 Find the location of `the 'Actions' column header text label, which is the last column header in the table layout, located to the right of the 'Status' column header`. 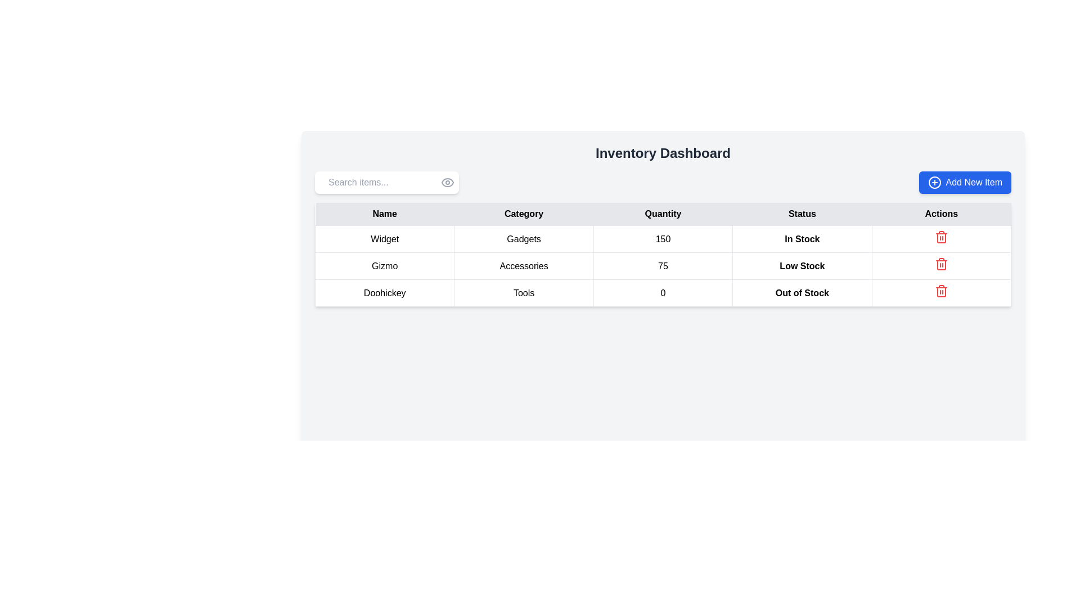

the 'Actions' column header text label, which is the last column header in the table layout, located to the right of the 'Status' column header is located at coordinates (941, 214).